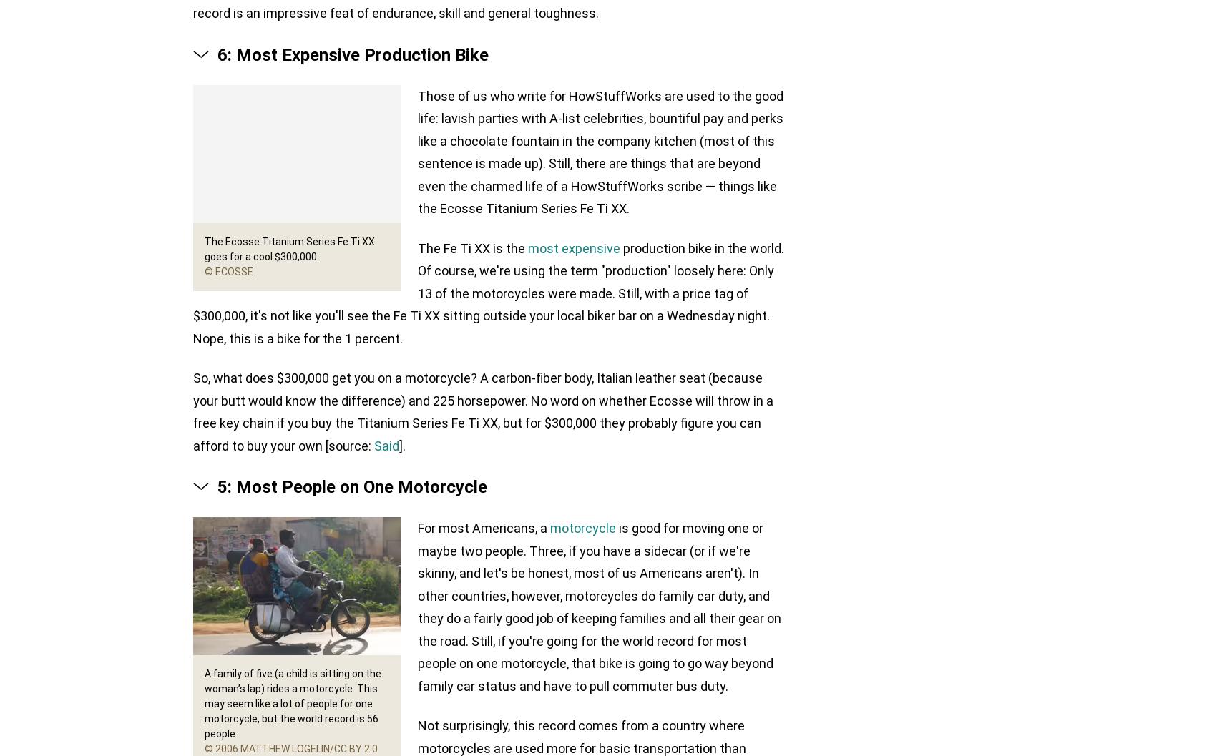  I want to click on '© 2006 Matthew Logelin/CC BY 2.0', so click(291, 747).